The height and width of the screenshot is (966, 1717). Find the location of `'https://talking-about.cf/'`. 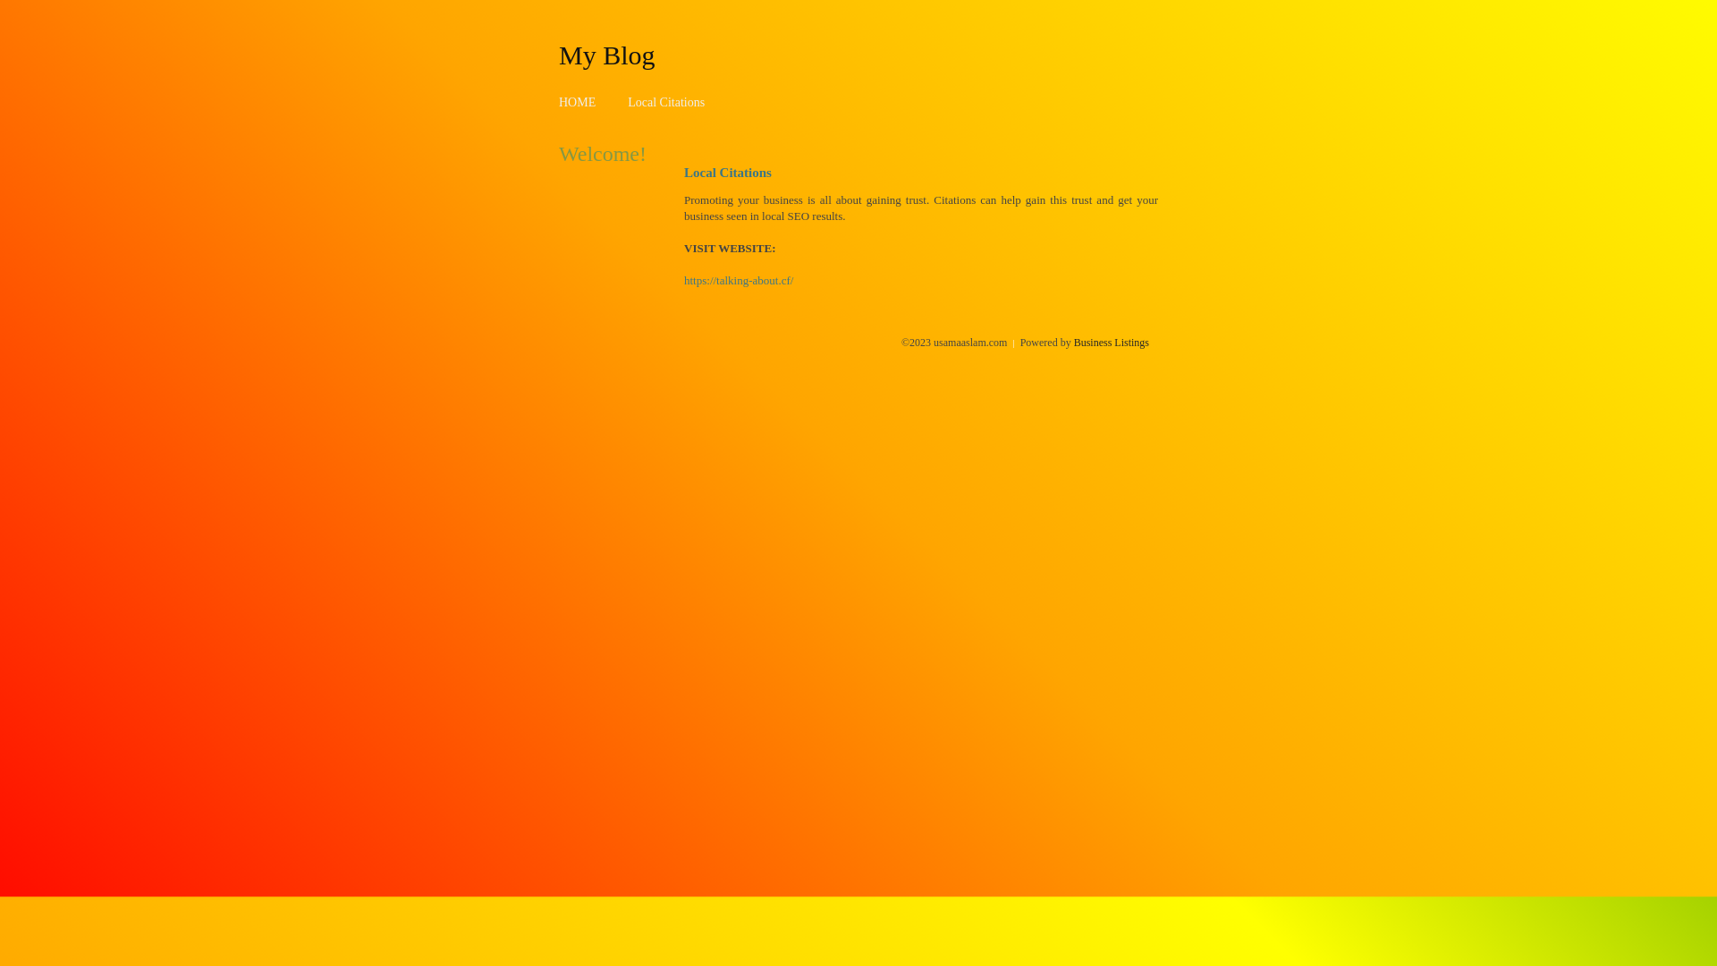

'https://talking-about.cf/' is located at coordinates (738, 280).